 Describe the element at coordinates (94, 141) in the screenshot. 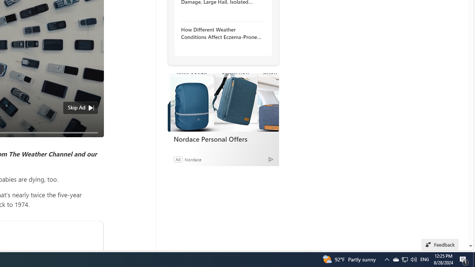

I see `'Unmute'` at that location.